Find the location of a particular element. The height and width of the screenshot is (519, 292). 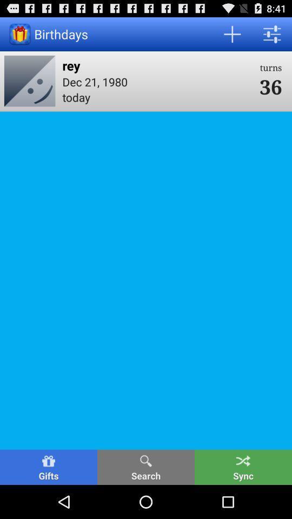

the app below the today item is located at coordinates (146, 467).